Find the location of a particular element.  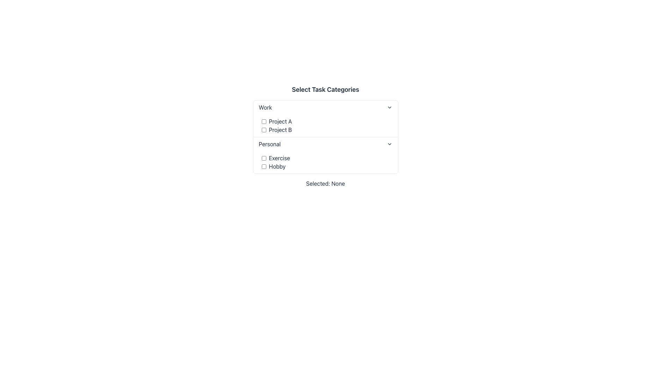

the text label that serves as a descriptor for the adjacent checkbox in the 'Personal' subsection under 'Select Task Categories' is located at coordinates (277, 167).